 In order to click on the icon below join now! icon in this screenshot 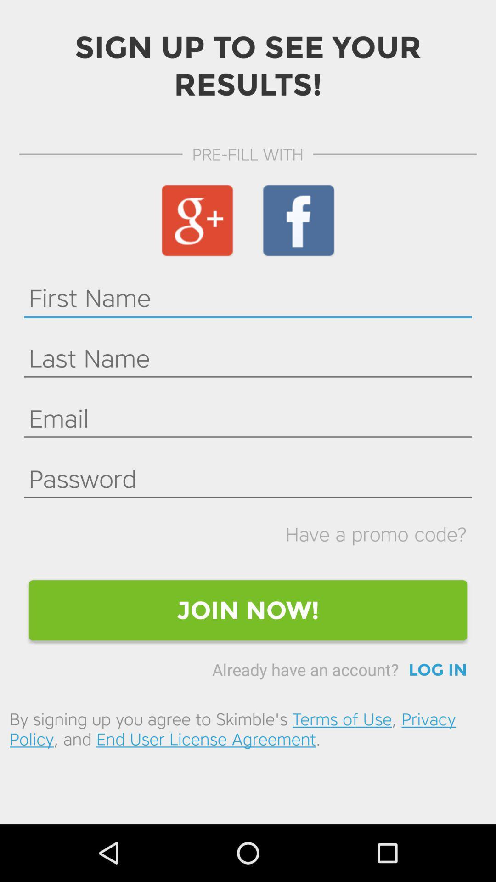, I will do `click(437, 670)`.